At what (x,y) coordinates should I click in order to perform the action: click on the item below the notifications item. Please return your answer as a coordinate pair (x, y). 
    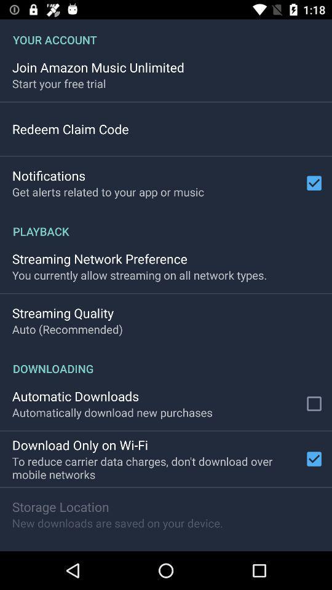
    Looking at the image, I should click on (108, 192).